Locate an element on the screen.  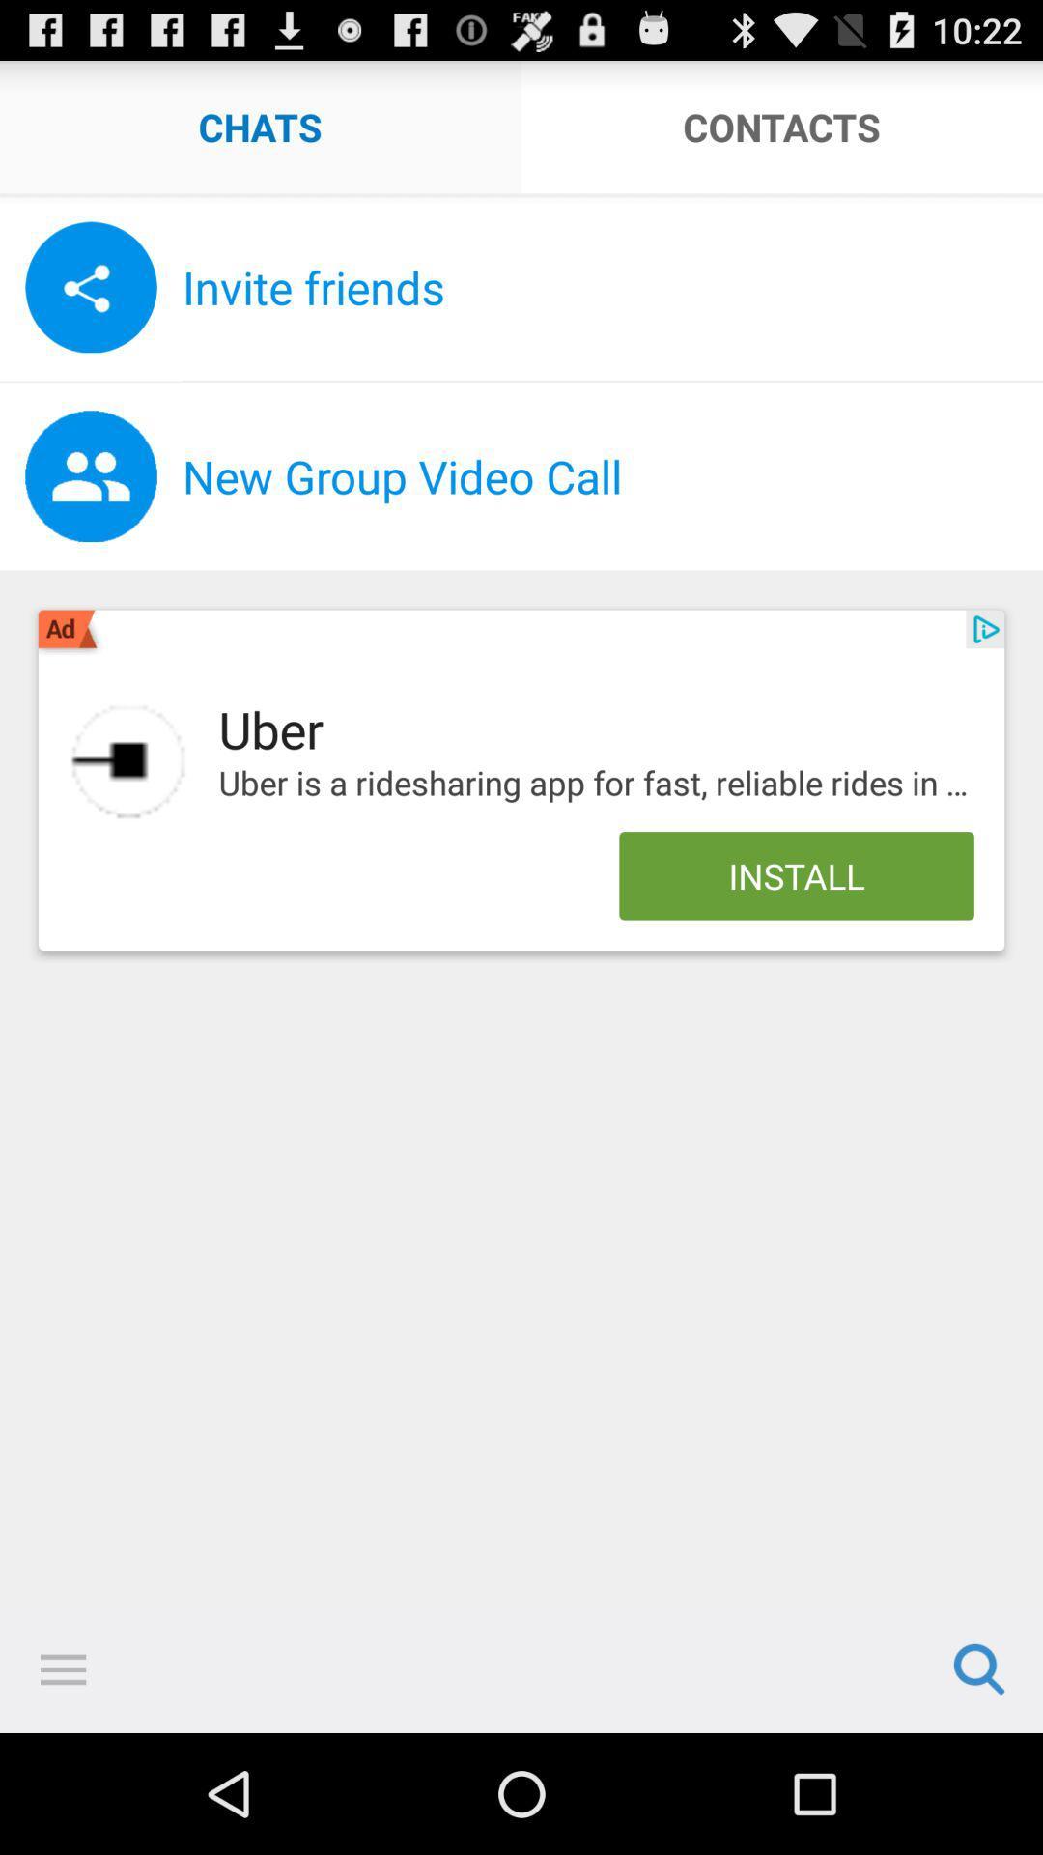
item next to the uber icon is located at coordinates (128, 760).